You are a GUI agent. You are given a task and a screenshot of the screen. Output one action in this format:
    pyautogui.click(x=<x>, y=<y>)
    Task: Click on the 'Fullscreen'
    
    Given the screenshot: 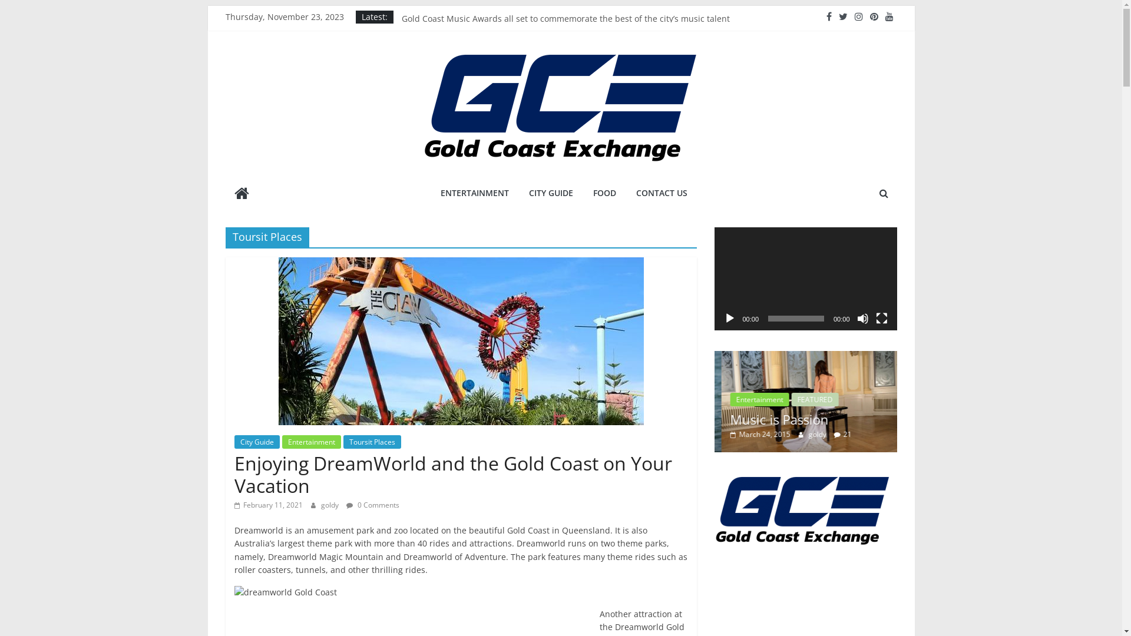 What is the action you would take?
    pyautogui.click(x=881, y=318)
    